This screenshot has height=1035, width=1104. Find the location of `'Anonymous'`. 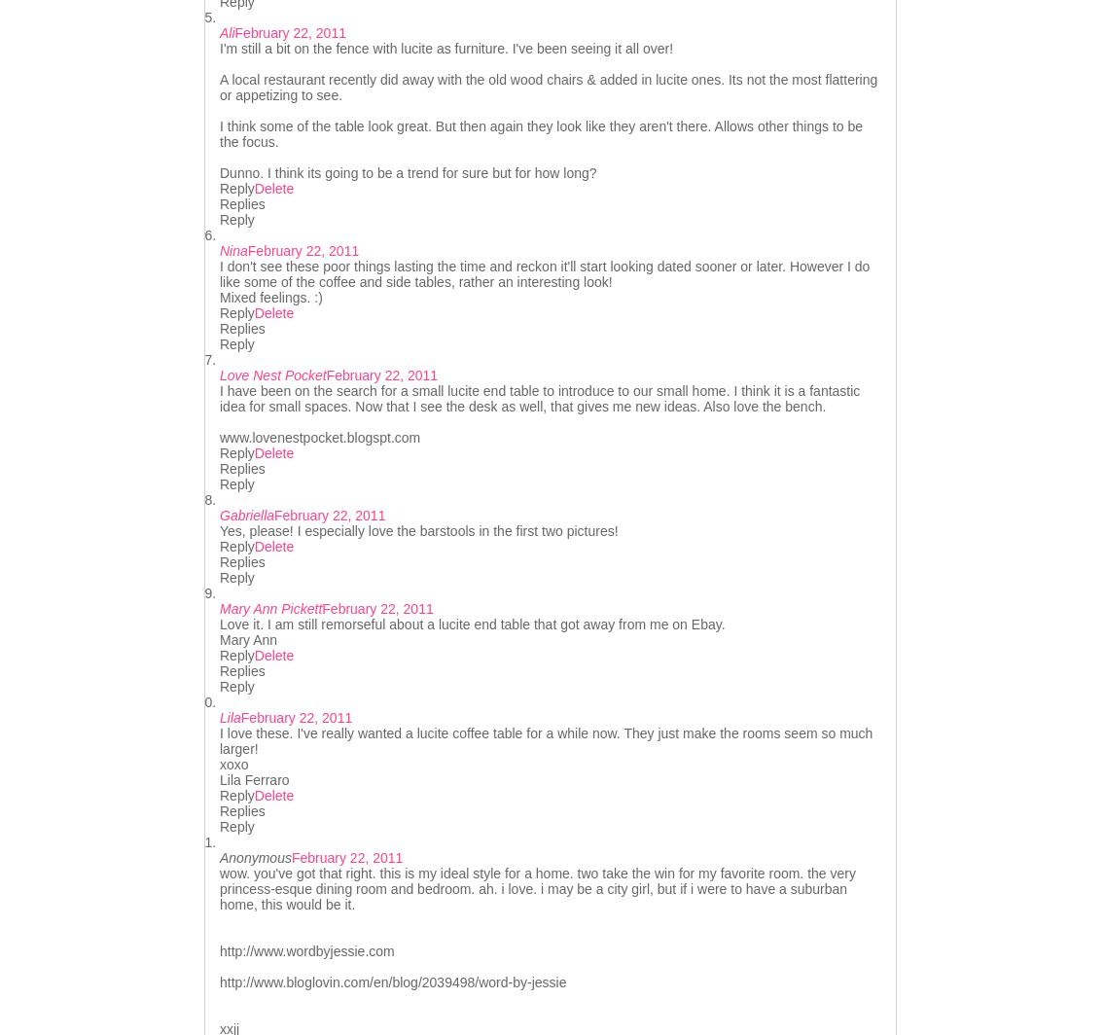

'Anonymous' is located at coordinates (255, 857).